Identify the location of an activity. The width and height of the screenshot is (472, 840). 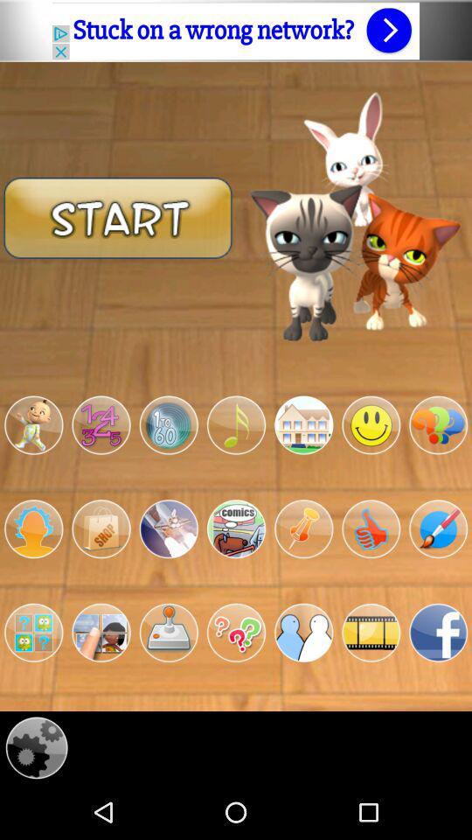
(302, 424).